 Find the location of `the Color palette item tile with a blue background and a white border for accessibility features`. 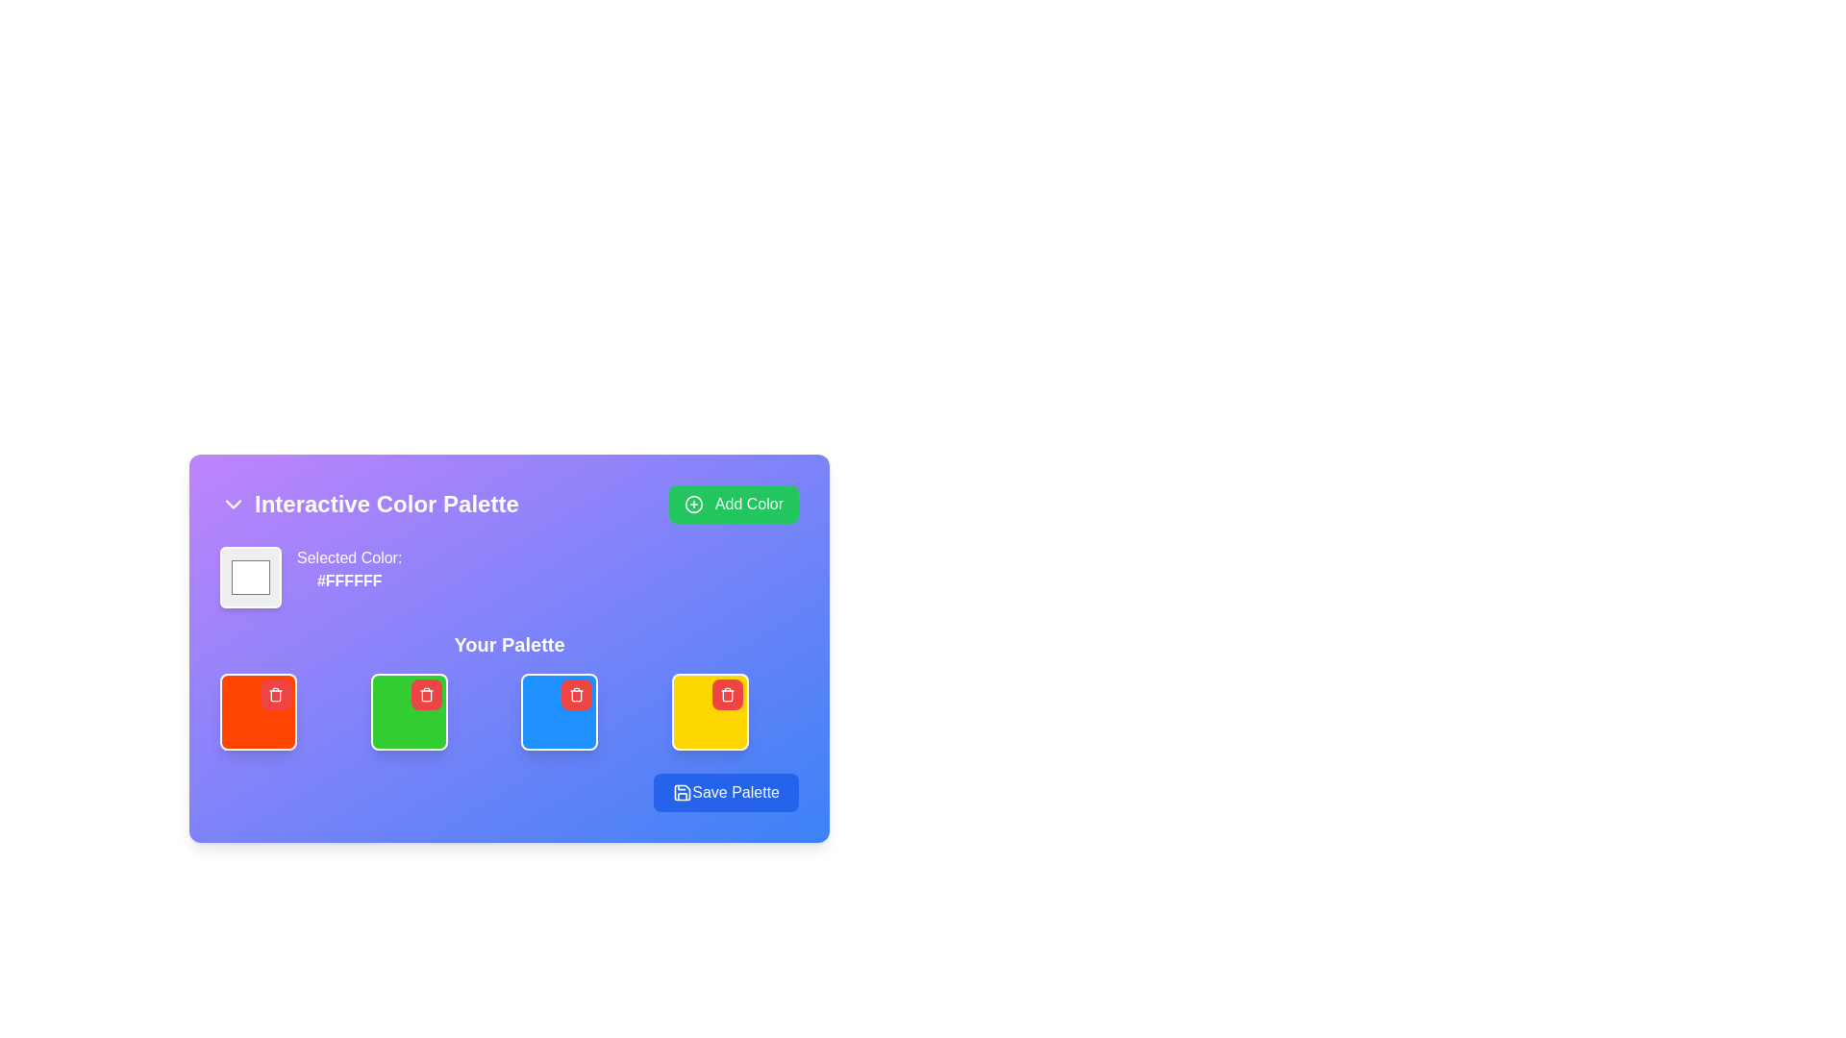

the Color palette item tile with a blue background and a white border for accessibility features is located at coordinates (558, 711).